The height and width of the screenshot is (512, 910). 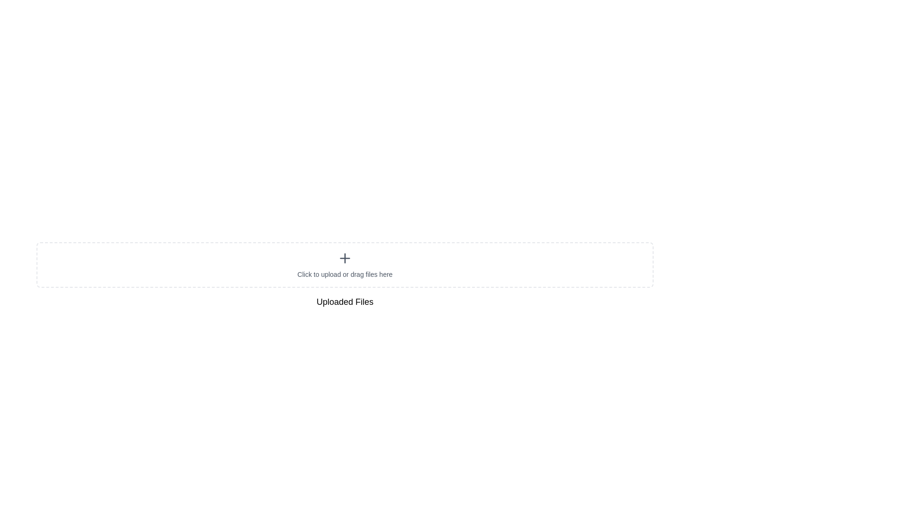 I want to click on the static text label that states 'Click to upload or drag files here', which is styled in small, muted gray text and positioned at the center of the file upload zone, so click(x=345, y=274).